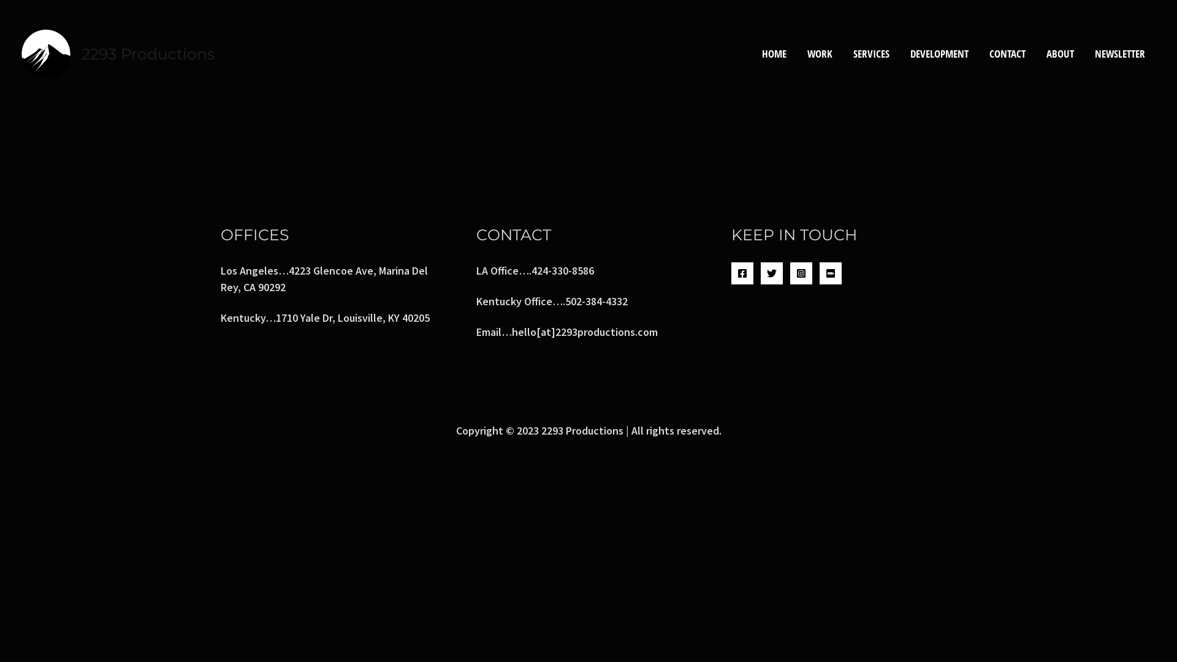 Image resolution: width=1177 pixels, height=662 pixels. Describe the element at coordinates (842, 53) in the screenshot. I see `'SERVICES'` at that location.